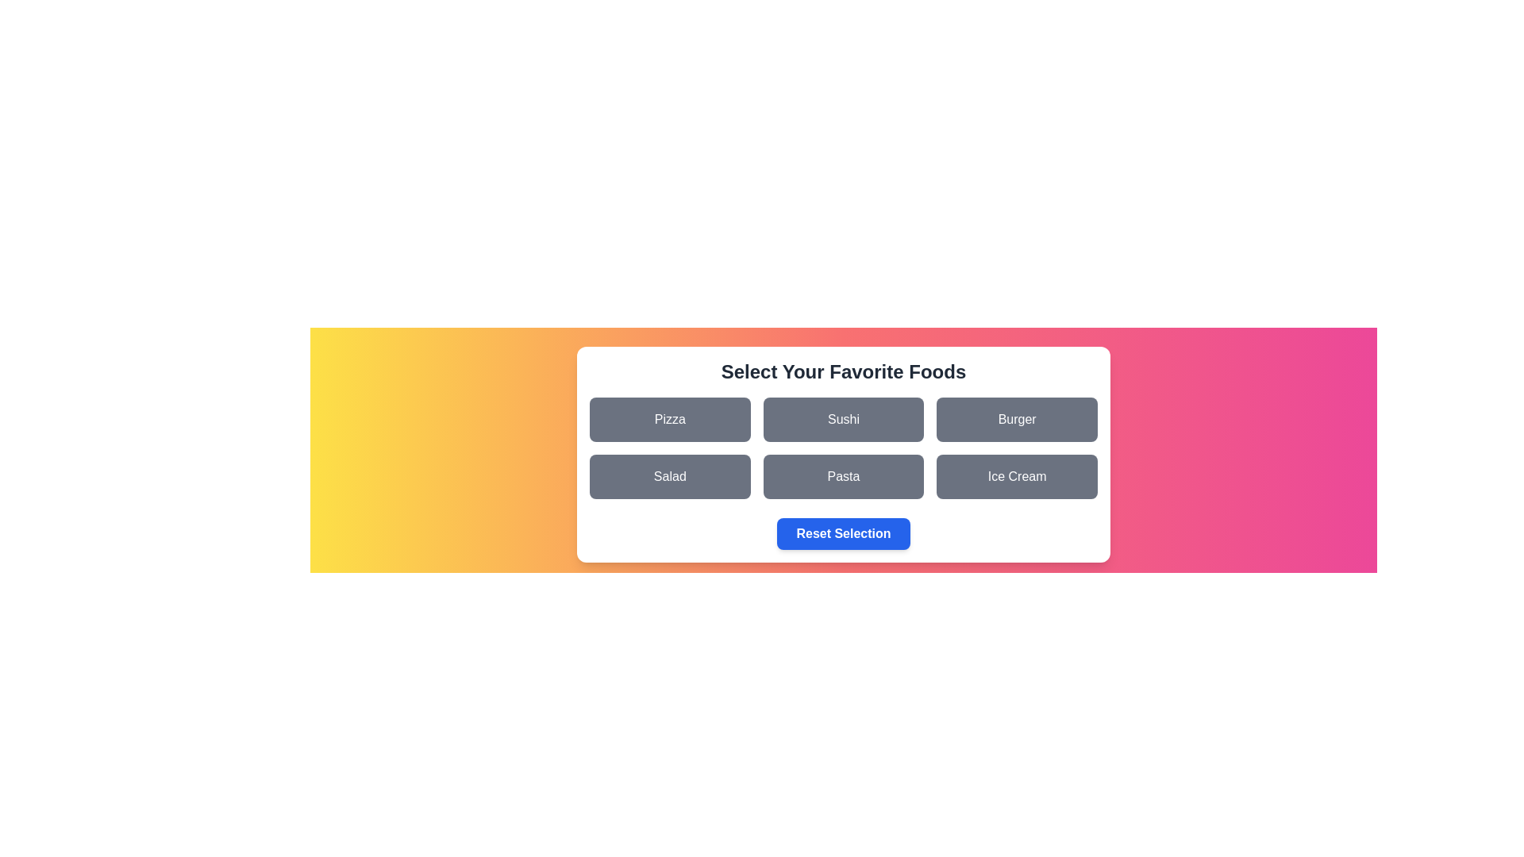 This screenshot has width=1524, height=857. I want to click on the food item Salad, so click(670, 476).